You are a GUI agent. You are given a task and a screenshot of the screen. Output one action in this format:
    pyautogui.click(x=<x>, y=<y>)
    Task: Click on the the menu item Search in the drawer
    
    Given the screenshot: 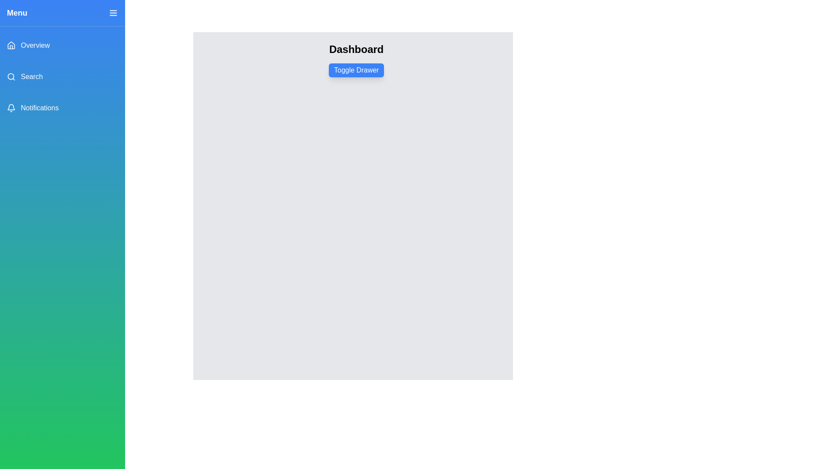 What is the action you would take?
    pyautogui.click(x=62, y=76)
    